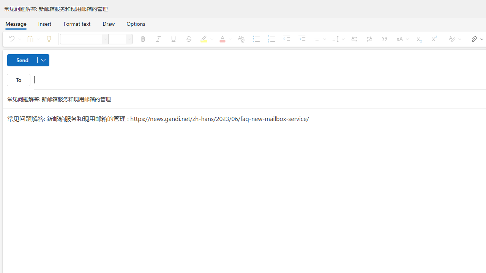 This screenshot has height=273, width=486. What do you see at coordinates (44, 23) in the screenshot?
I see `'Insert'` at bounding box center [44, 23].